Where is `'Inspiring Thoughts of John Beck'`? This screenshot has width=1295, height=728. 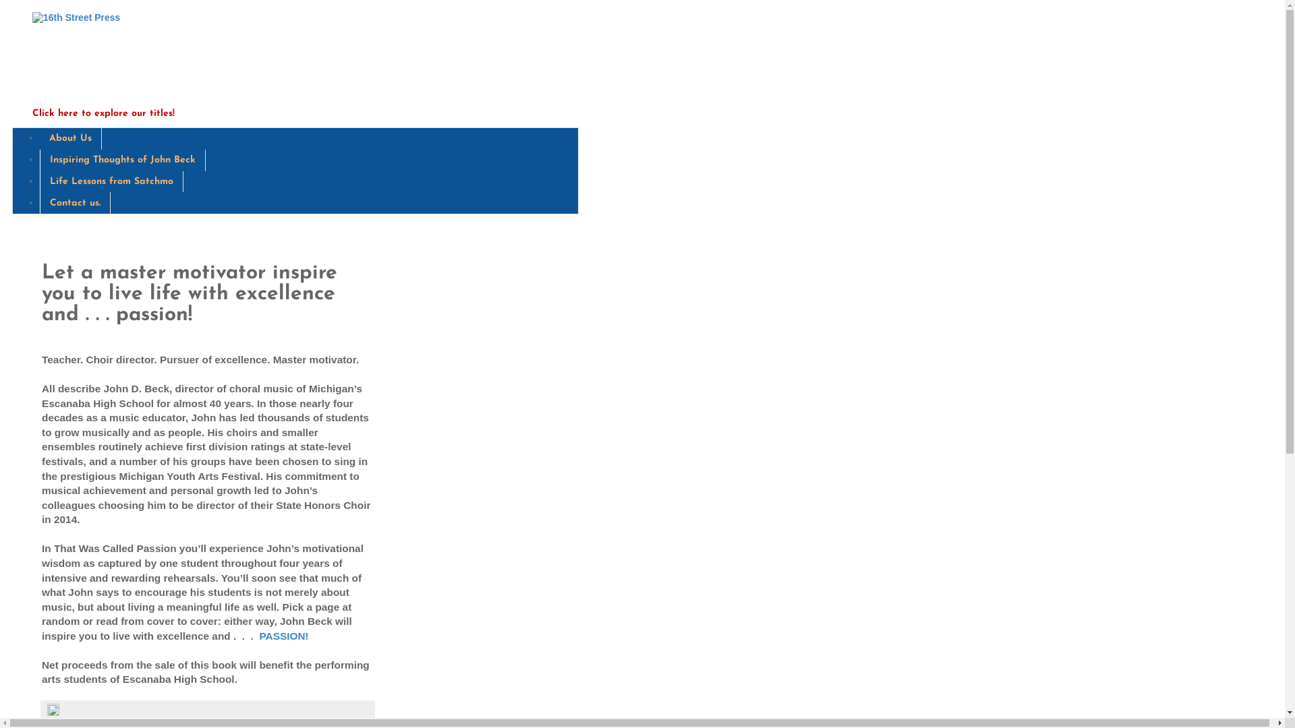
'Inspiring Thoughts of John Beck' is located at coordinates (123, 160).